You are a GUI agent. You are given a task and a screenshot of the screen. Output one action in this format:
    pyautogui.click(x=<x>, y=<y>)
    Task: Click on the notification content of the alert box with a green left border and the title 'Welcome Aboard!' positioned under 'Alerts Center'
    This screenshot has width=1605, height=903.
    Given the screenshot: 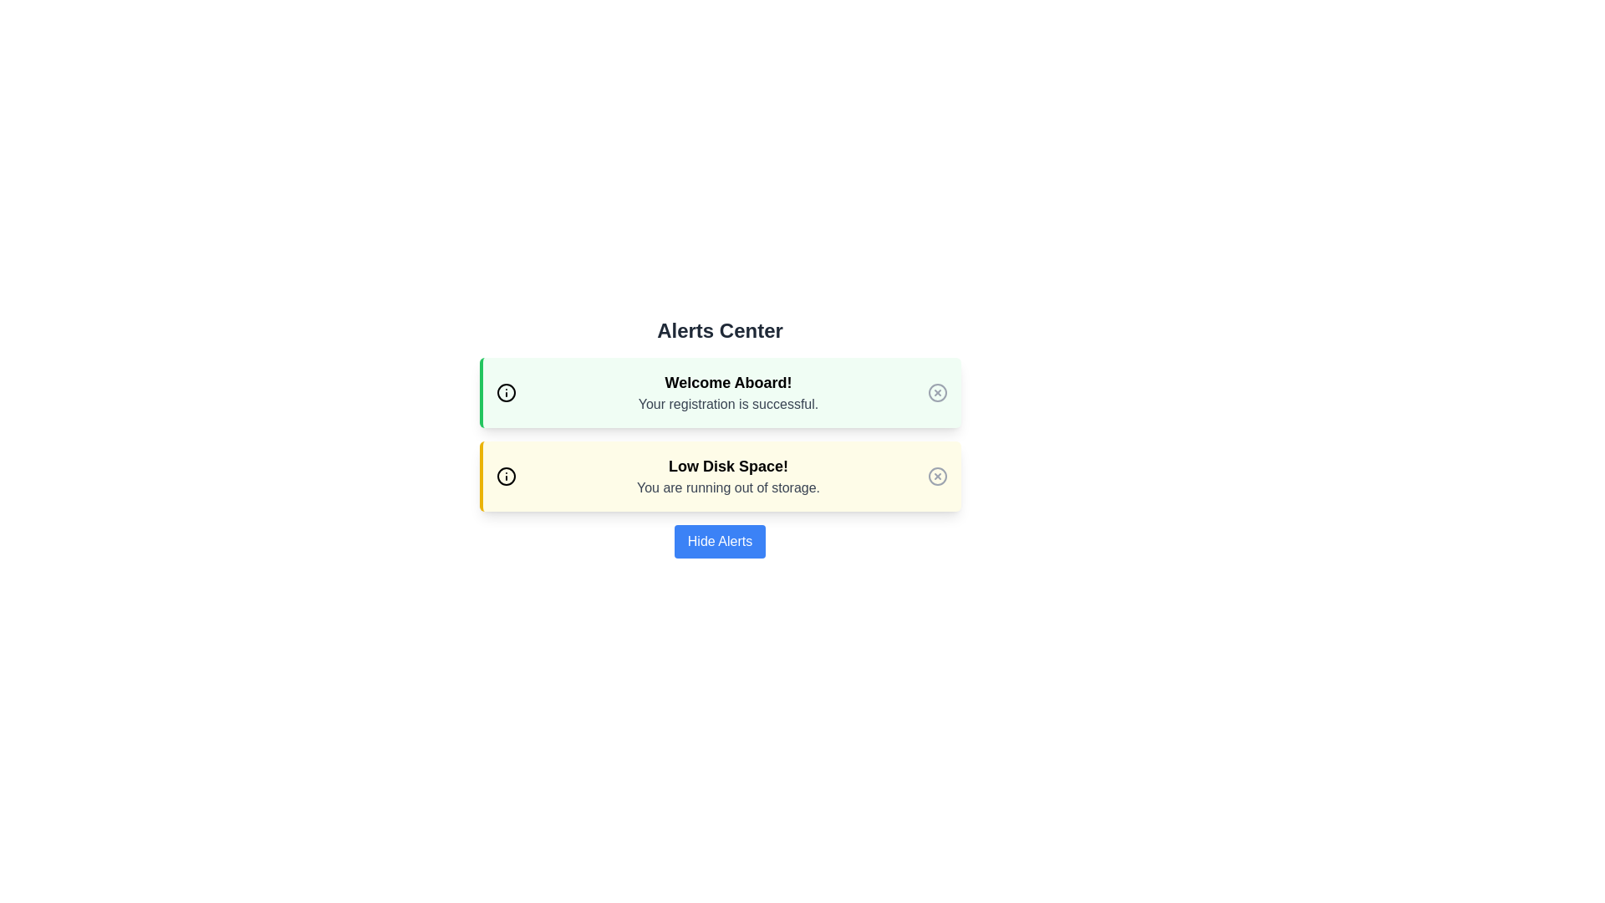 What is the action you would take?
    pyautogui.click(x=720, y=393)
    